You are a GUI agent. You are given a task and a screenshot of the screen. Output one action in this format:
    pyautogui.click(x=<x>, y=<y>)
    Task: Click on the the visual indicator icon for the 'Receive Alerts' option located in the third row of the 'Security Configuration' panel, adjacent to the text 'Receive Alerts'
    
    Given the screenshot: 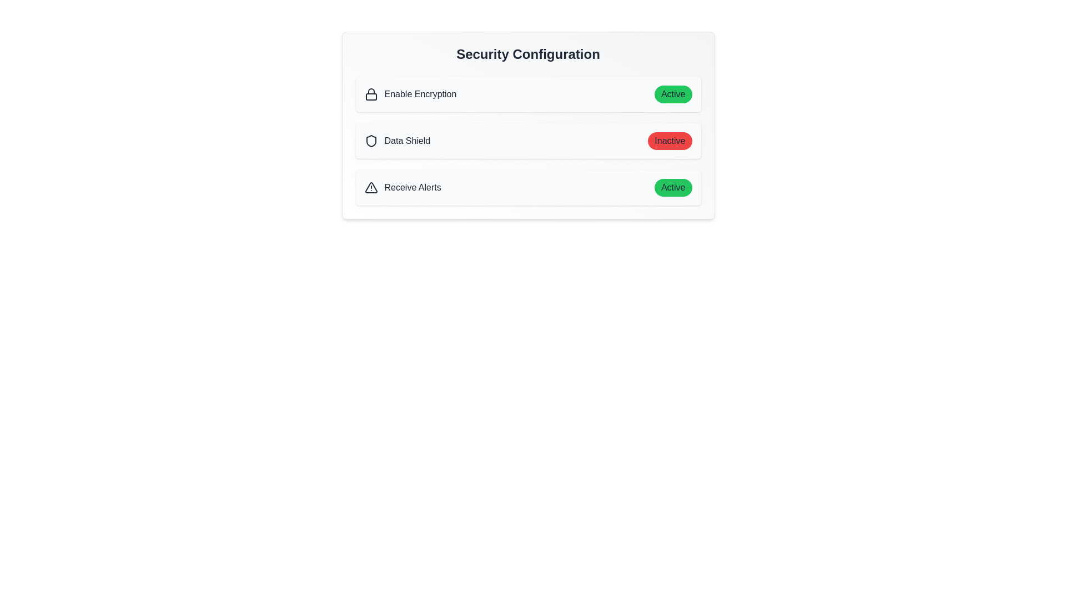 What is the action you would take?
    pyautogui.click(x=371, y=187)
    